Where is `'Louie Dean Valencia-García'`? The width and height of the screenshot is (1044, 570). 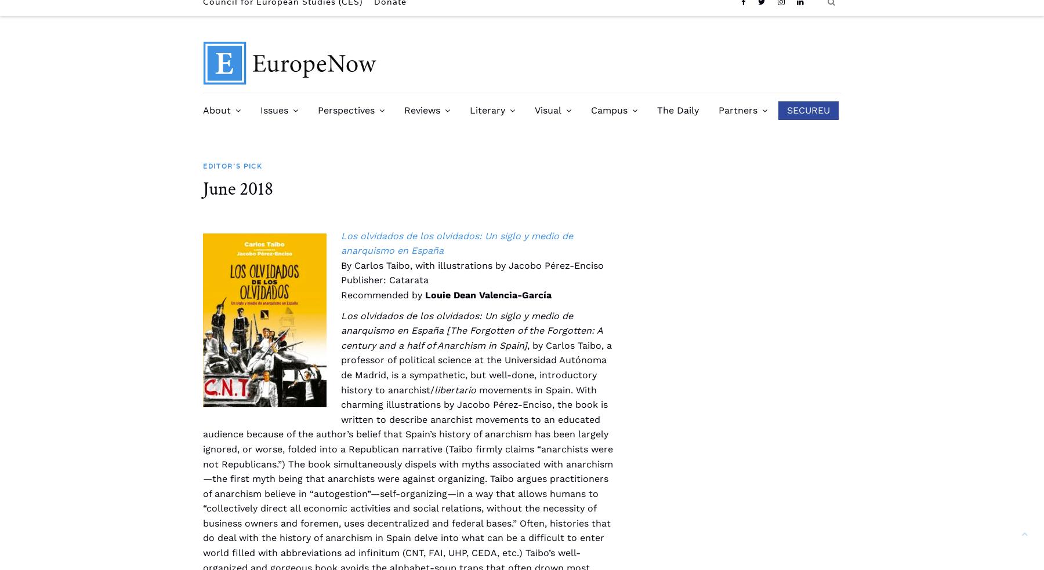 'Louie Dean Valencia-García' is located at coordinates (488, 294).